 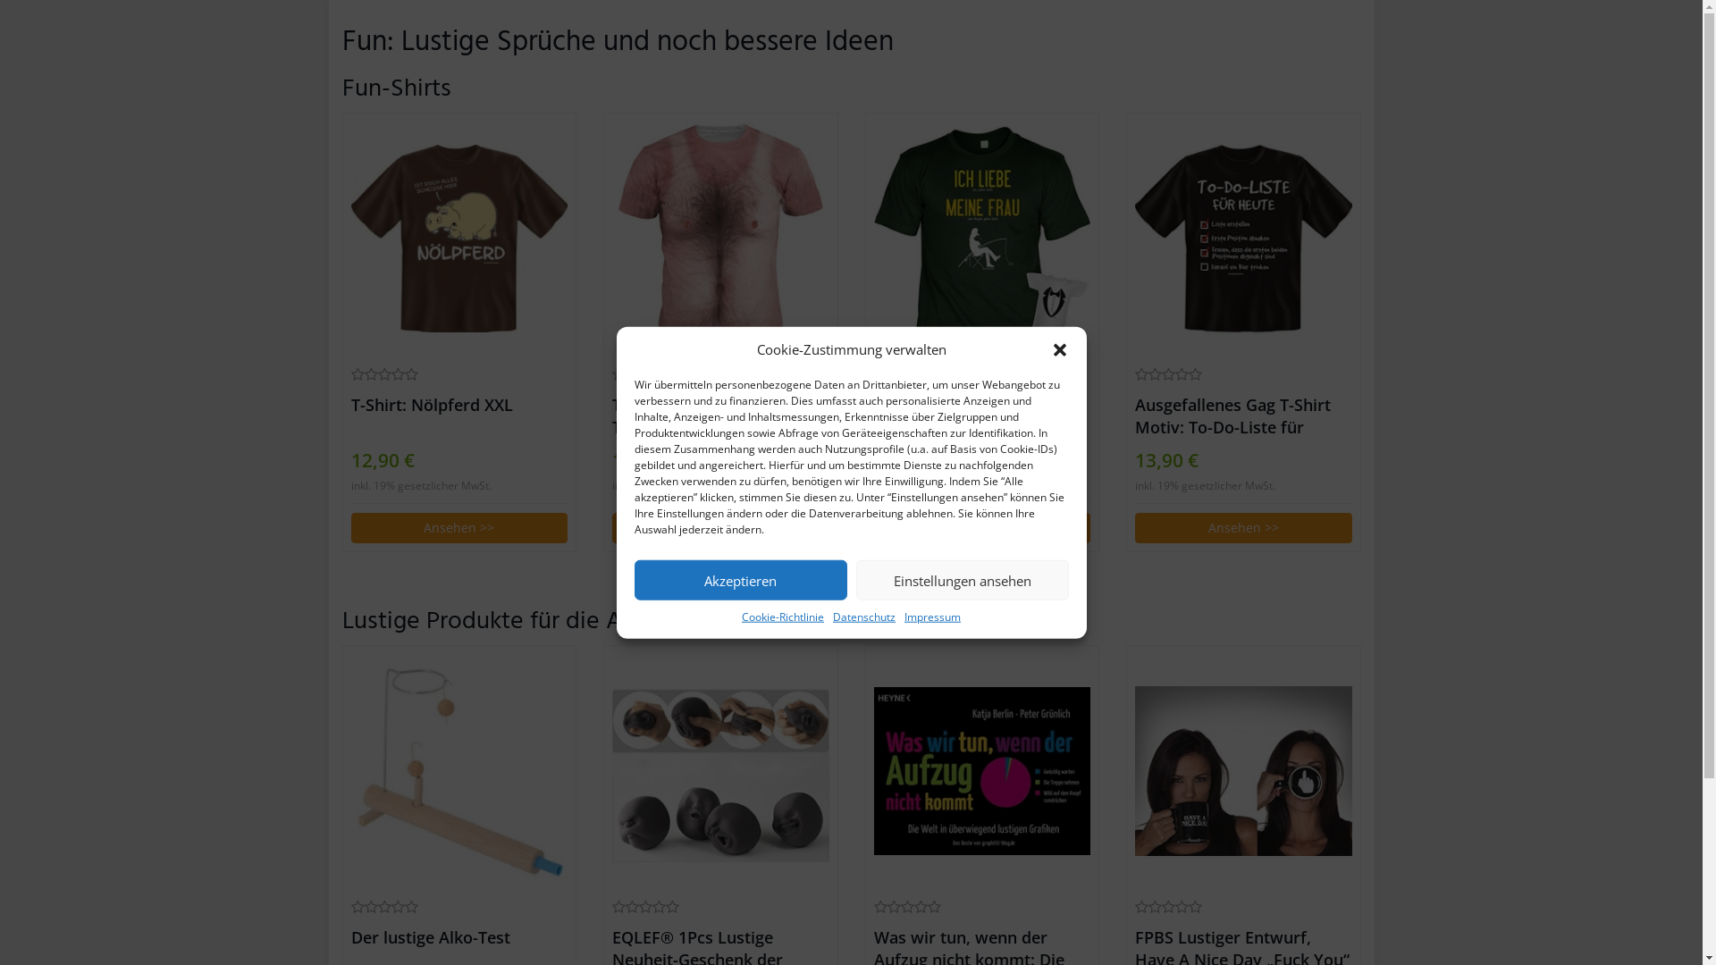 What do you see at coordinates (931, 616) in the screenshot?
I see `'Impressum'` at bounding box center [931, 616].